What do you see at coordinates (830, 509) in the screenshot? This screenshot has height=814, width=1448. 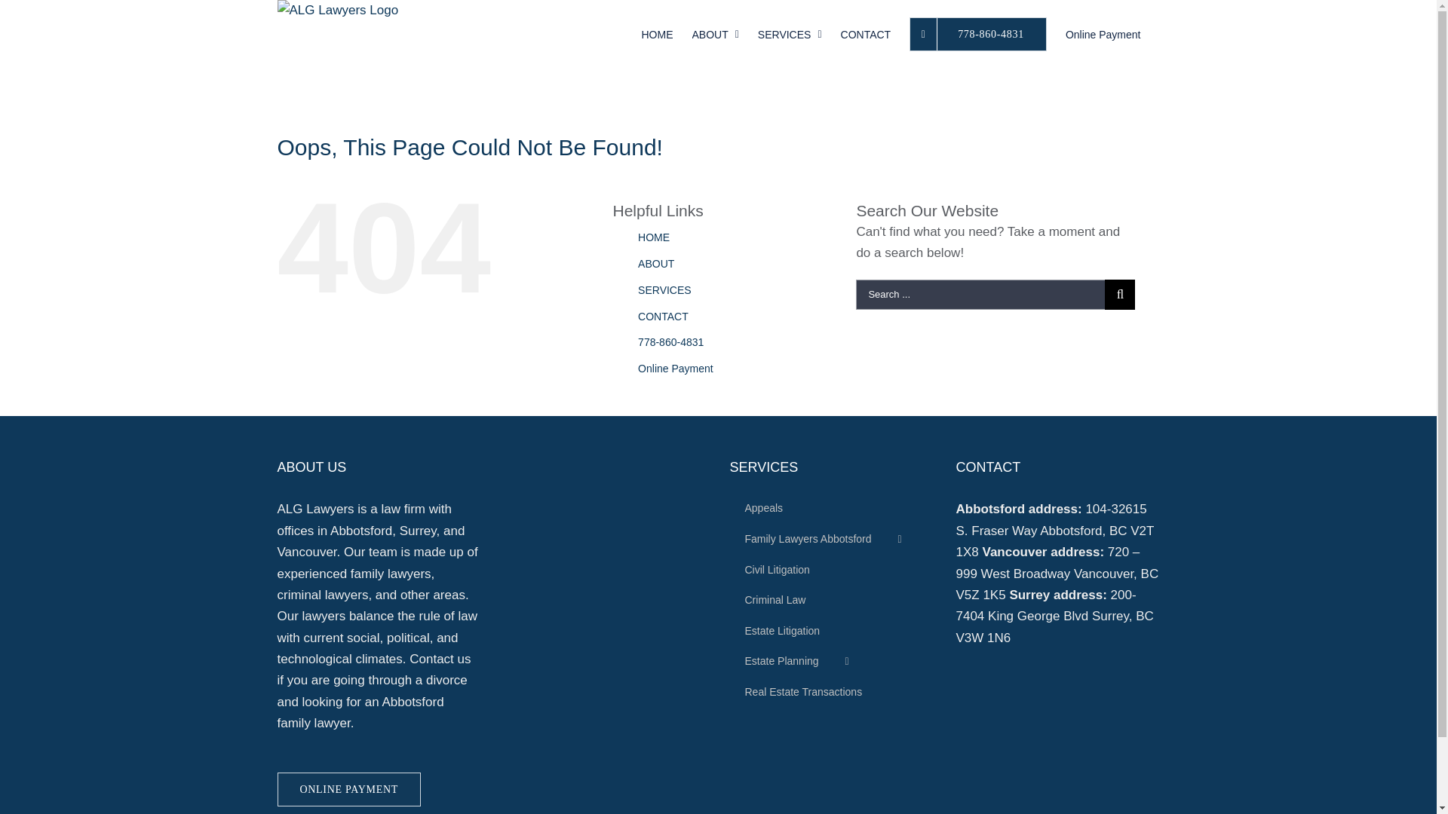 I see `'Appeals'` at bounding box center [830, 509].